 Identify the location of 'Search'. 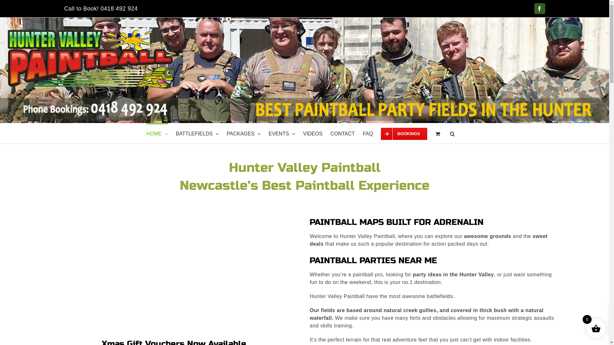
(452, 133).